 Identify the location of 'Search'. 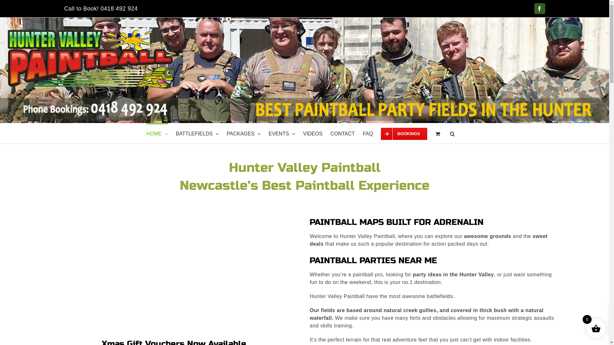
(452, 133).